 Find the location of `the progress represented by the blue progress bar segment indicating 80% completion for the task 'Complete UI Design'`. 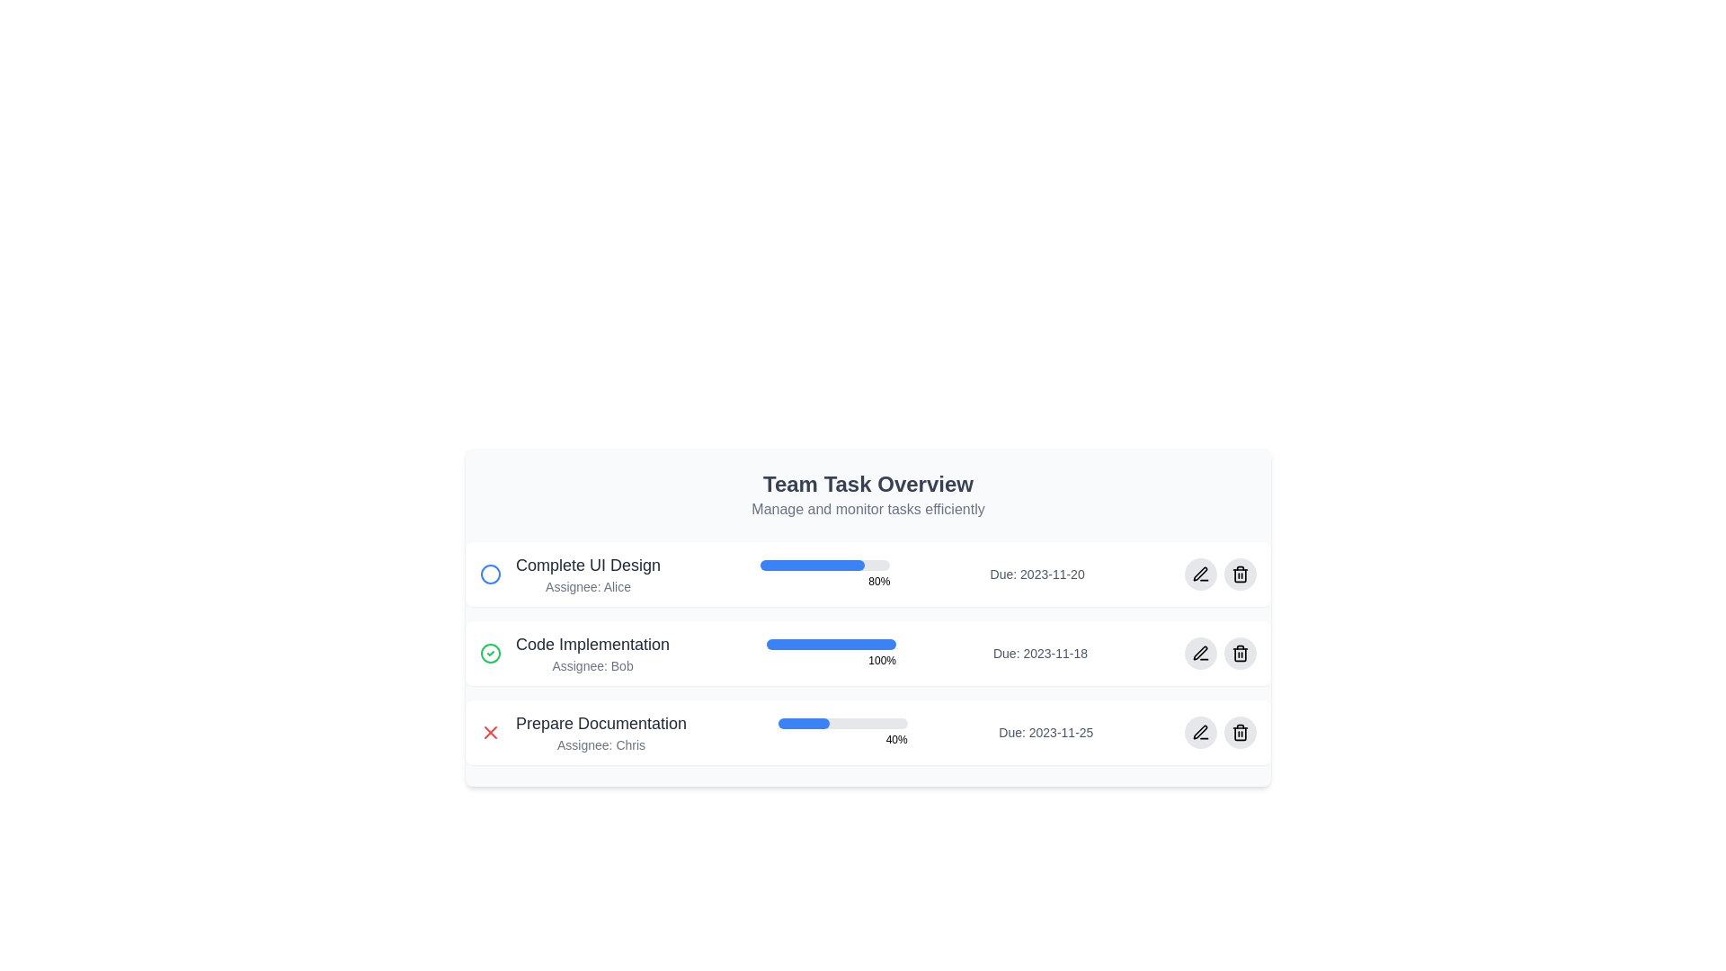

the progress represented by the blue progress bar segment indicating 80% completion for the task 'Complete UI Design' is located at coordinates (811, 564).